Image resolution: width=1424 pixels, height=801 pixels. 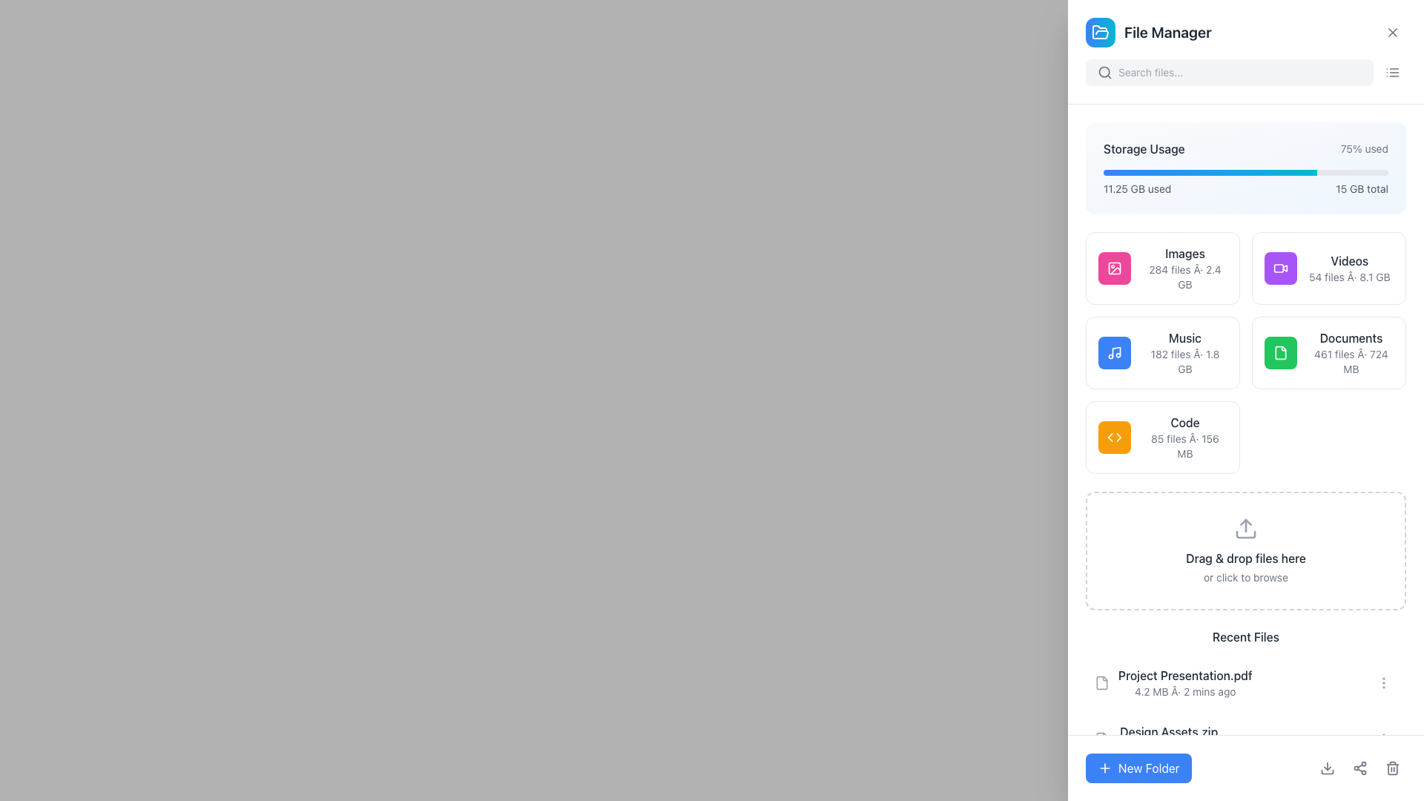 I want to click on 'Music' label text, which serves as the title for the storage category, centrally aligned in the second column of the grid layout beneath 'Storage Usage', so click(x=1184, y=337).